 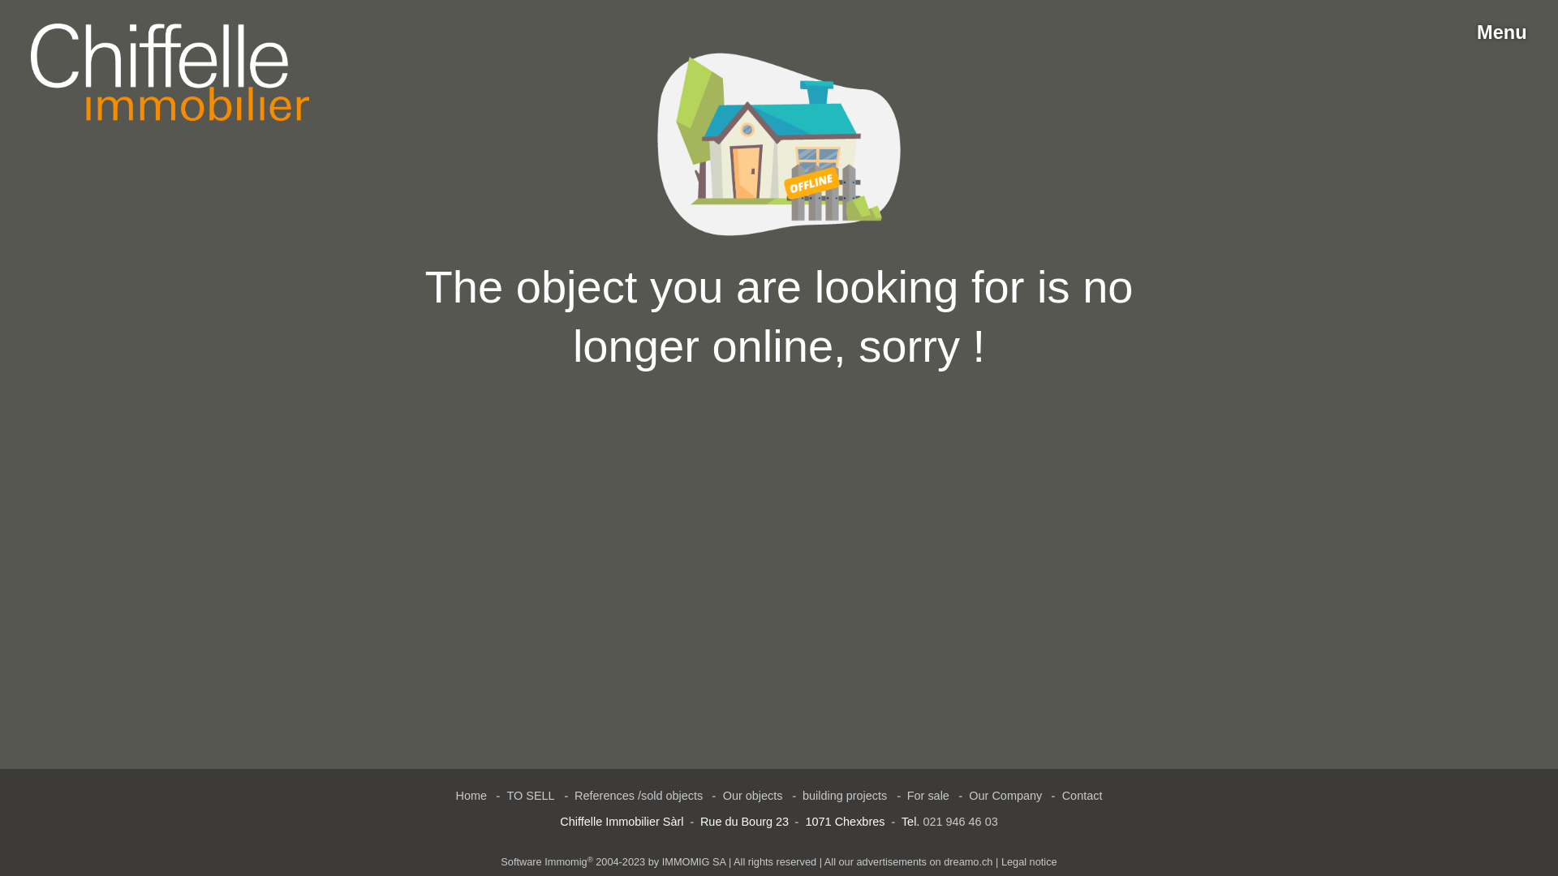 I want to click on 'TO SELL', so click(x=531, y=795).